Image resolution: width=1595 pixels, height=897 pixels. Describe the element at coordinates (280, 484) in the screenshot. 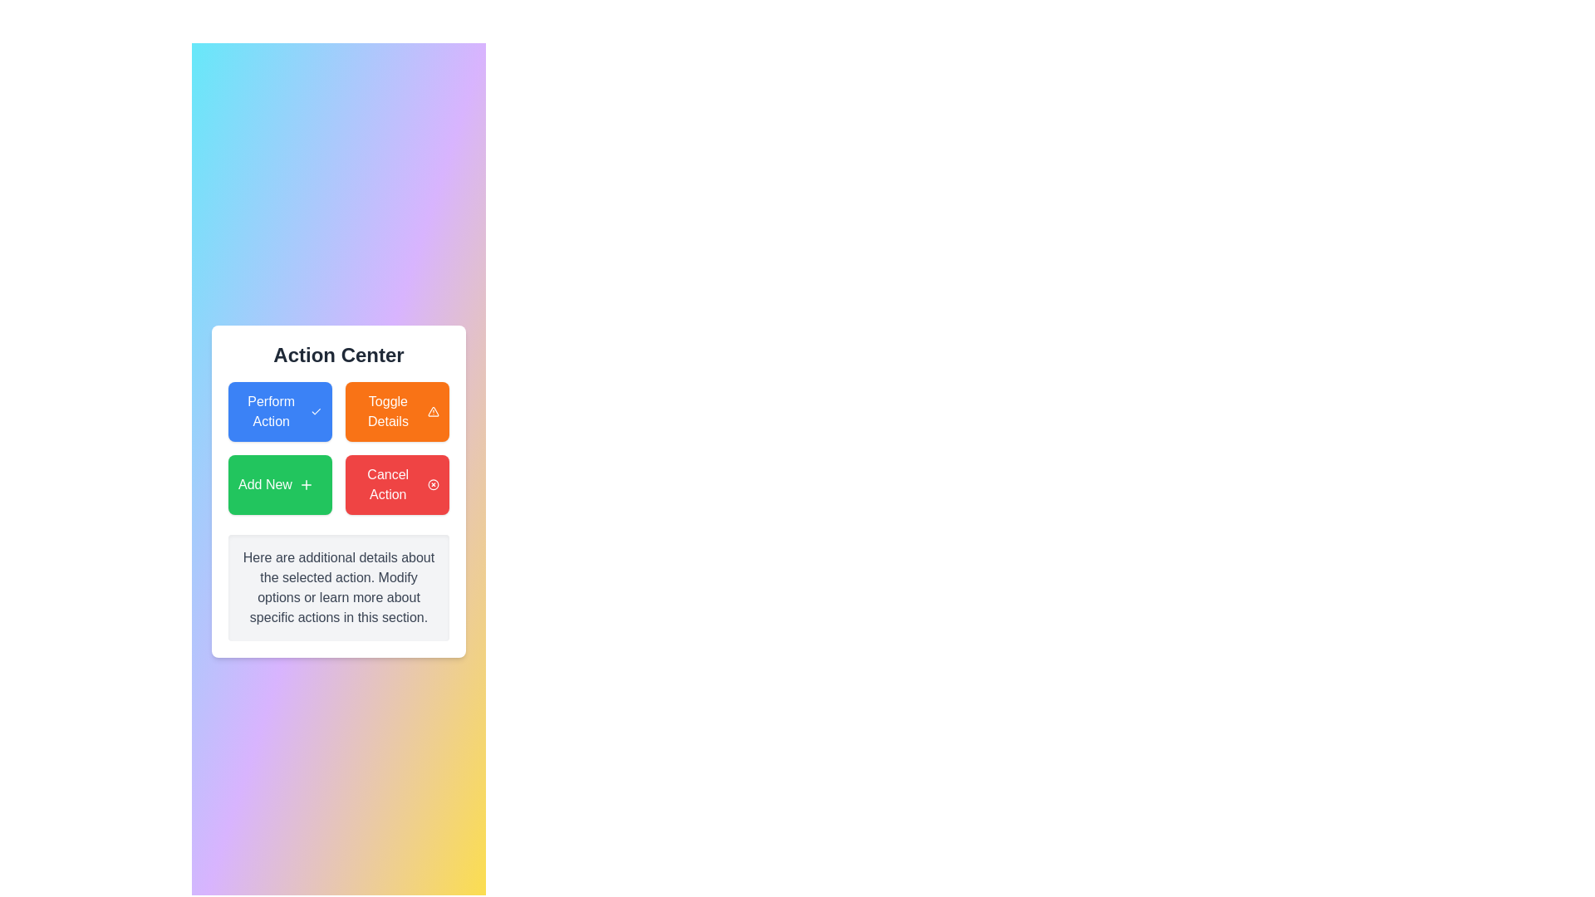

I see `the button for adding a new item located in the lower-left area of the grid layout, positioned below the blue 'Perform Action' button and to the left of the red 'Cancel Action' button` at that location.